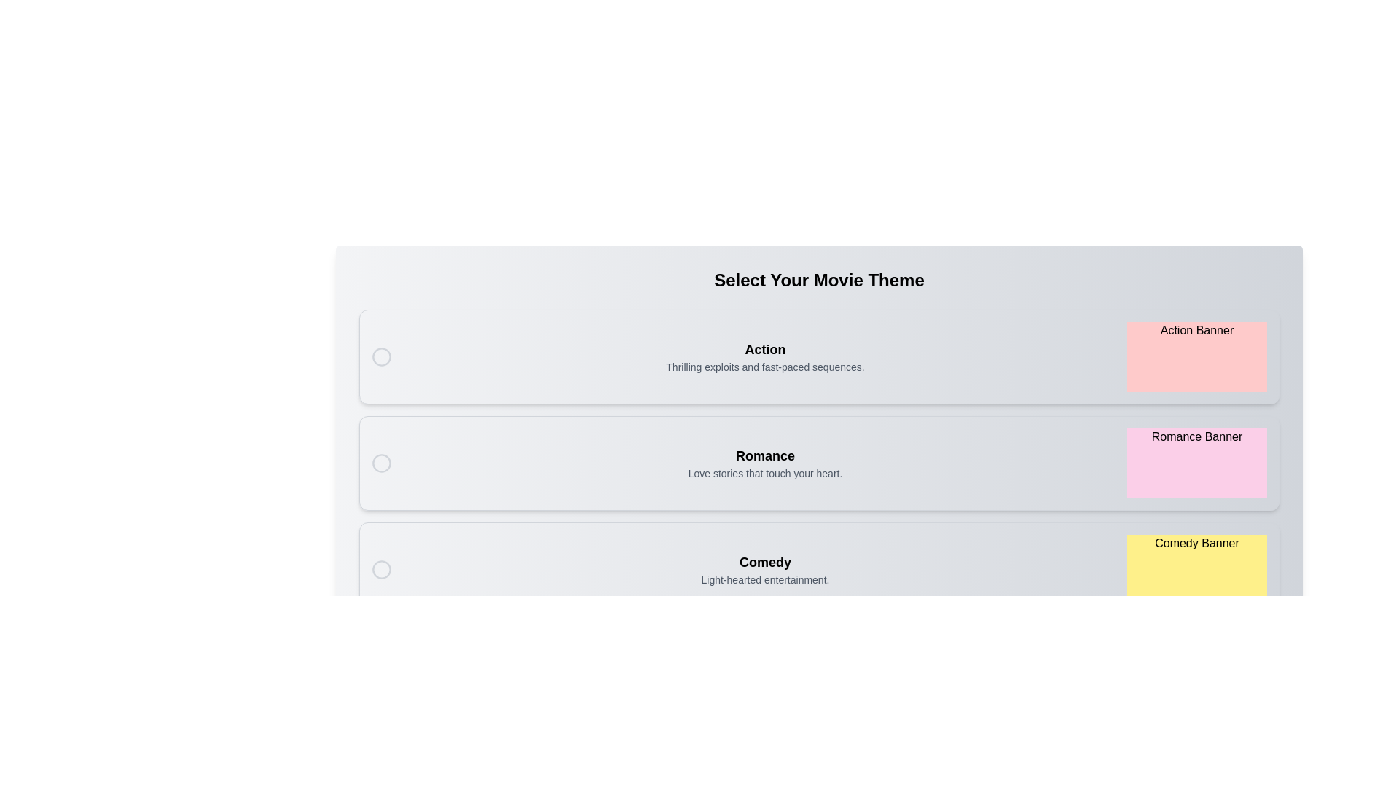 The height and width of the screenshot is (787, 1399). Describe the element at coordinates (381, 356) in the screenshot. I see `the center of the circular graphical element, which is part of the radio button for the 'Action' theme row` at that location.